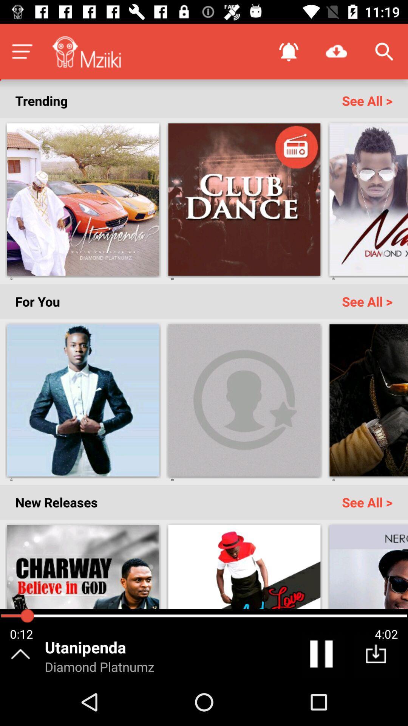  I want to click on open menu, so click(22, 51).